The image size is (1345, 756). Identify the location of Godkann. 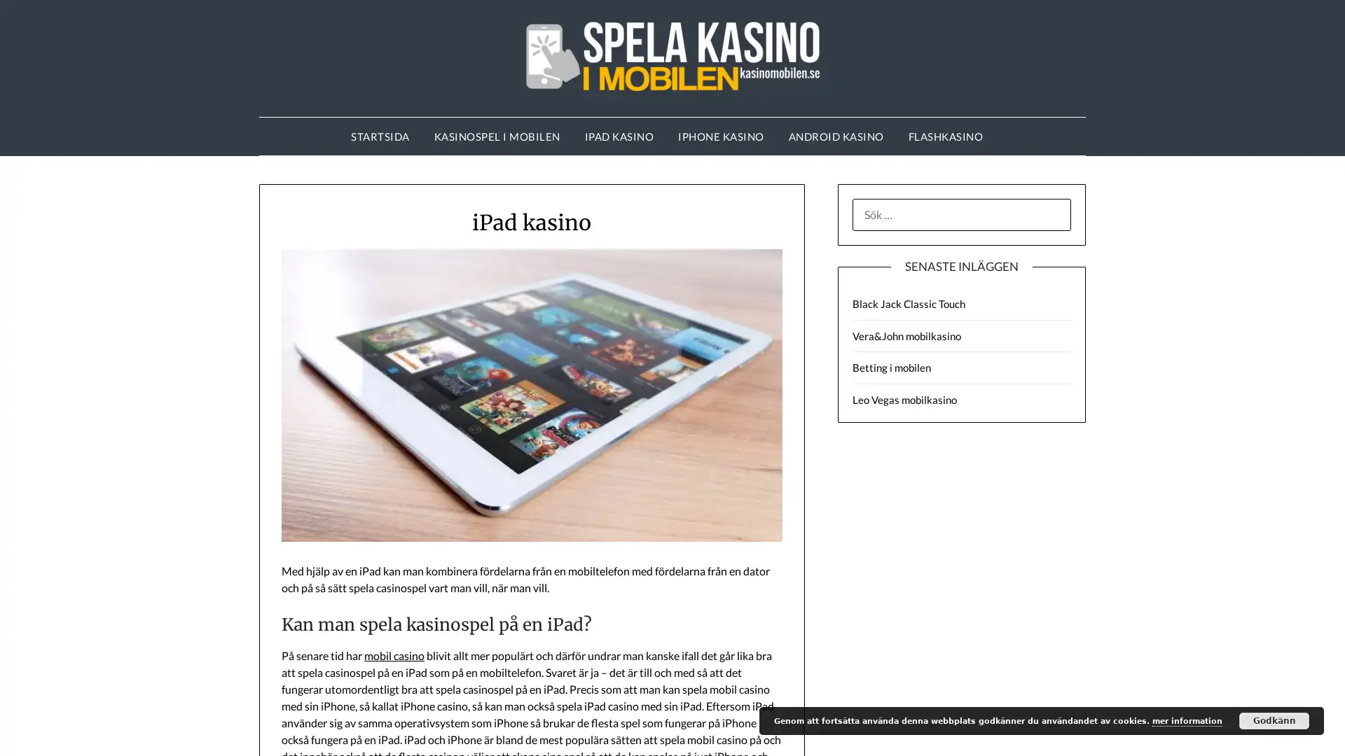
(1274, 720).